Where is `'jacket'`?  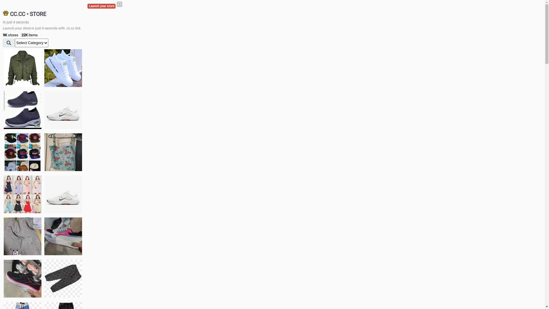
'jacket' is located at coordinates (22, 68).